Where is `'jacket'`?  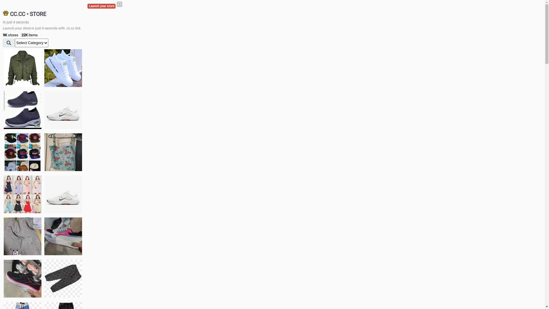
'jacket' is located at coordinates (22, 68).